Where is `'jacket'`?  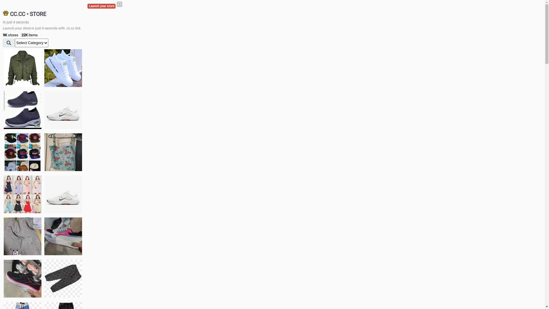
'jacket' is located at coordinates (22, 68).